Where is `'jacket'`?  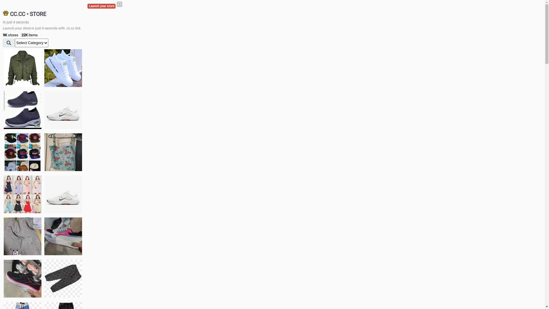
'jacket' is located at coordinates (22, 68).